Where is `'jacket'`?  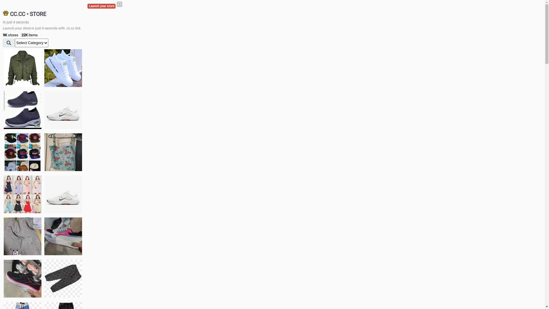
'jacket' is located at coordinates (22, 68).